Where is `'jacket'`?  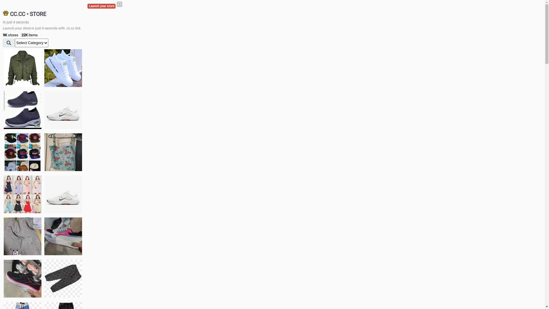
'jacket' is located at coordinates (22, 68).